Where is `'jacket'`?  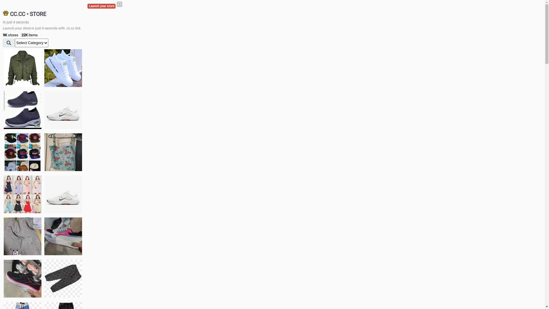
'jacket' is located at coordinates (22, 68).